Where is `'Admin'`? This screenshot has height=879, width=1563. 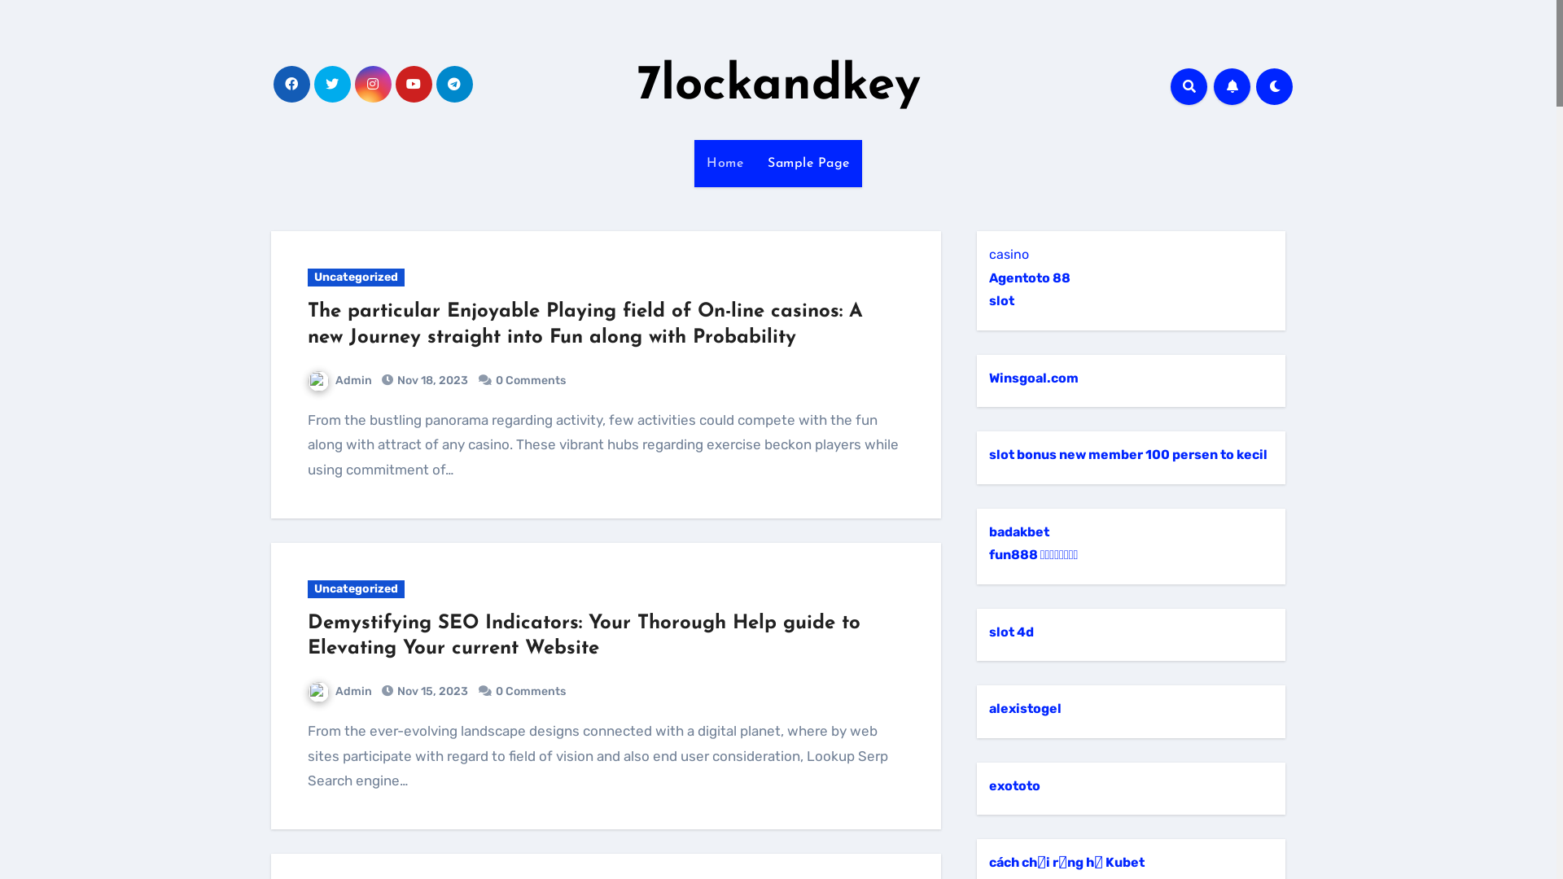
'Admin' is located at coordinates (339, 380).